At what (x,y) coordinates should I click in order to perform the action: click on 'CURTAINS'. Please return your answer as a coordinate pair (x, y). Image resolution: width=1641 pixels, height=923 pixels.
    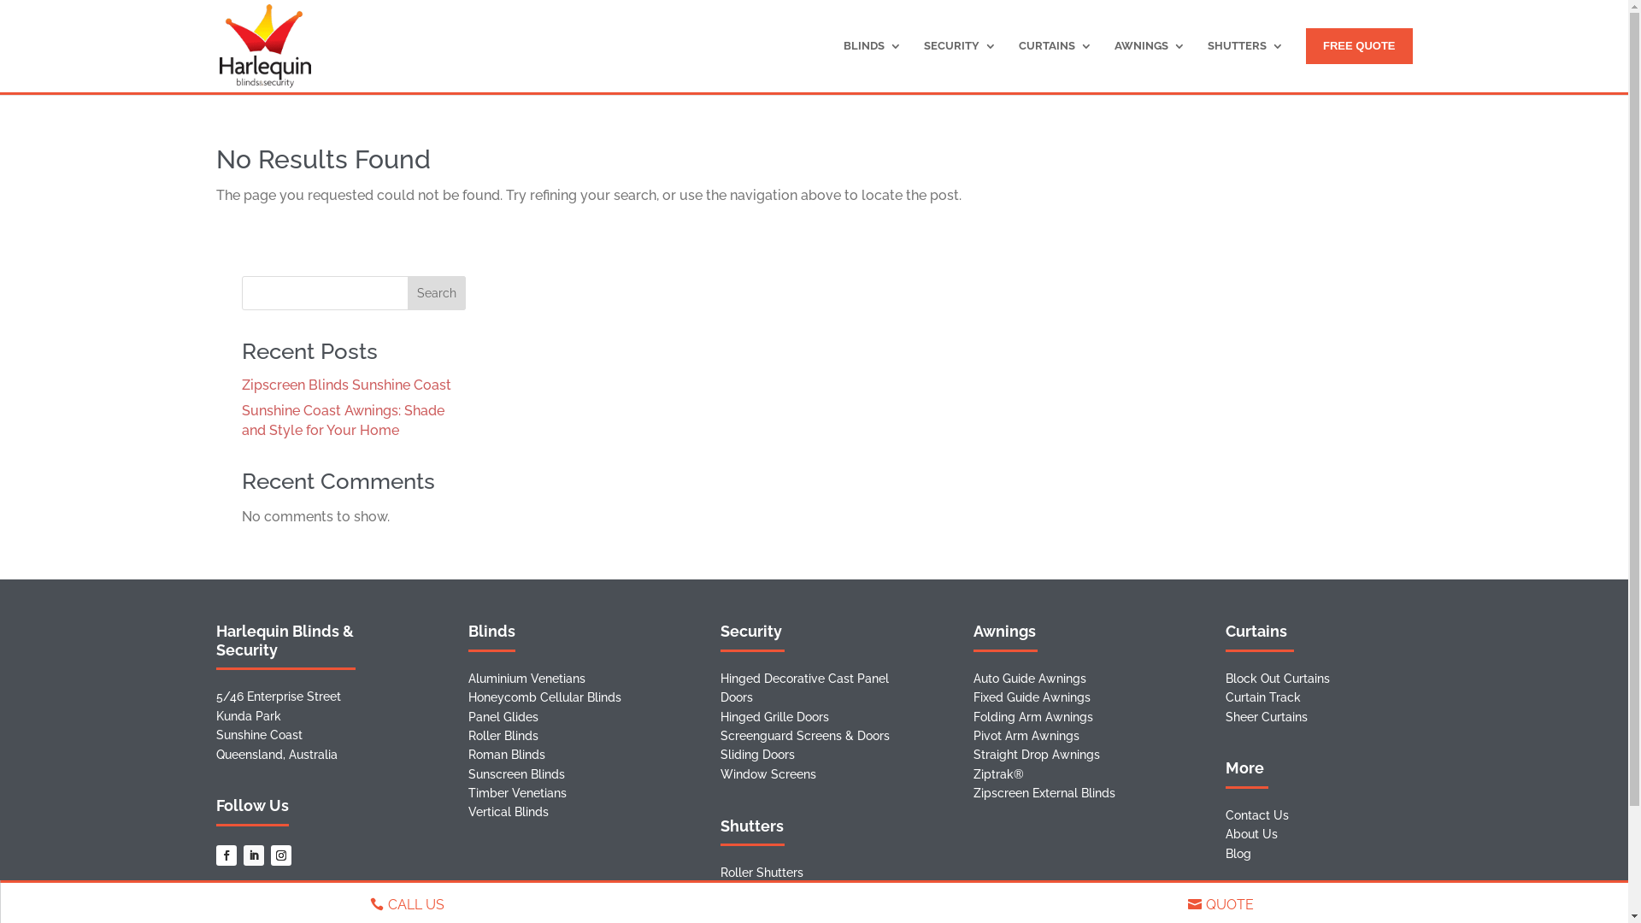
    Looking at the image, I should click on (1054, 63).